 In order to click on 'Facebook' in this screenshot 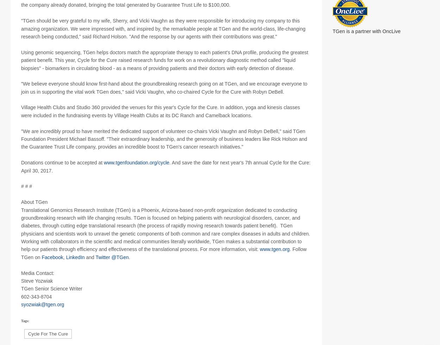, I will do `click(41, 265)`.